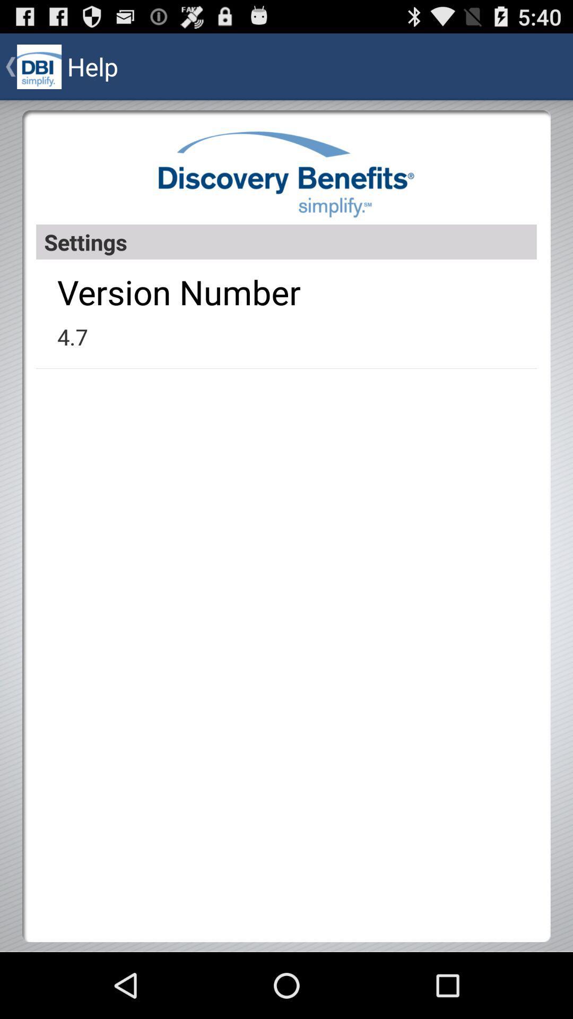 Image resolution: width=573 pixels, height=1019 pixels. I want to click on item above version number app, so click(286, 241).